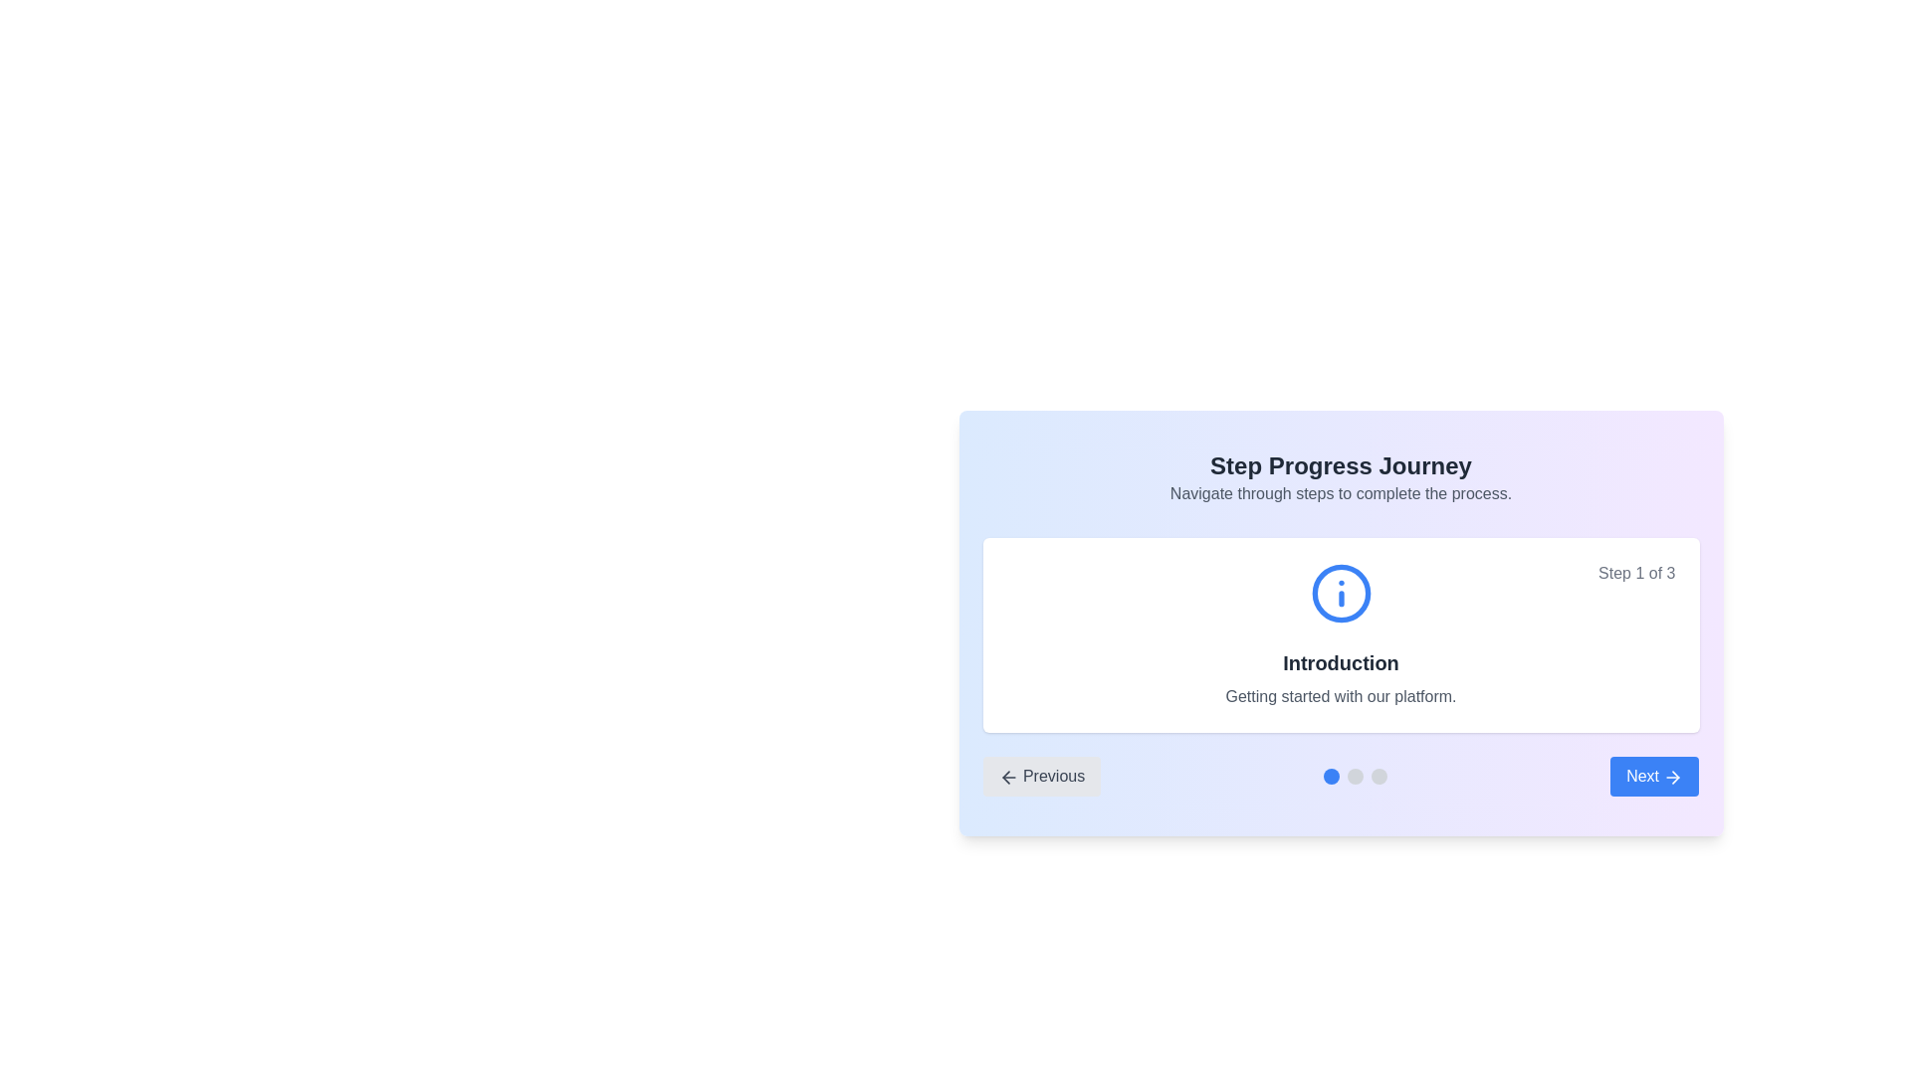 The width and height of the screenshot is (1911, 1074). I want to click on the icon depicting an information symbol ('i') for additional information about the 'Introduction' step in the progress journey, so click(1341, 593).